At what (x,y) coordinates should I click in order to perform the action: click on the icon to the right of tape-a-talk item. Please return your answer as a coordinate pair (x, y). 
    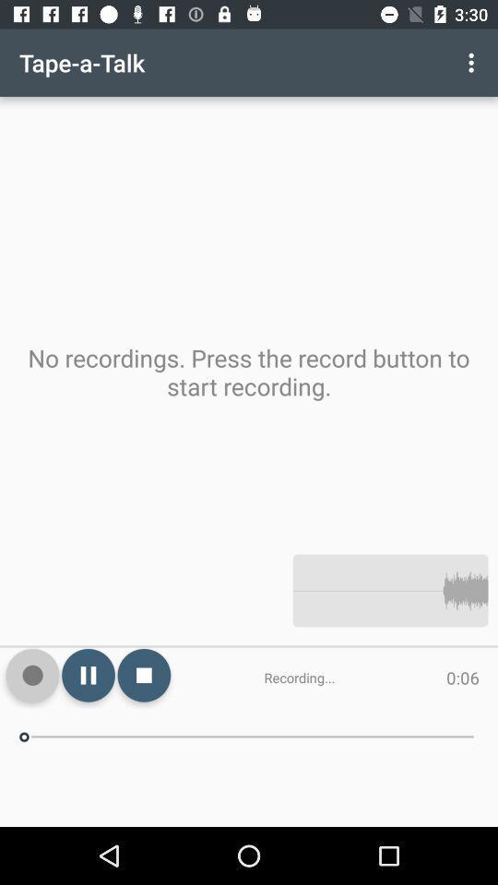
    Looking at the image, I should click on (473, 63).